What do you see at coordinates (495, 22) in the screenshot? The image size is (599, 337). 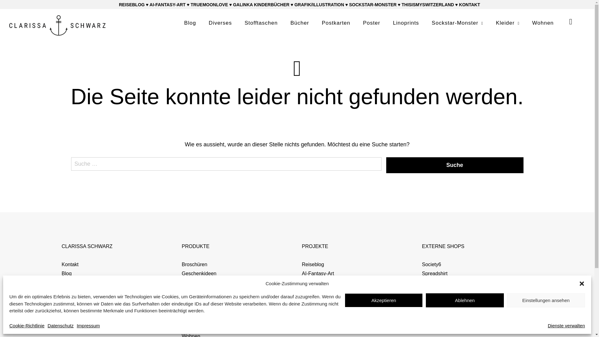 I see `'Kleider'` at bounding box center [495, 22].